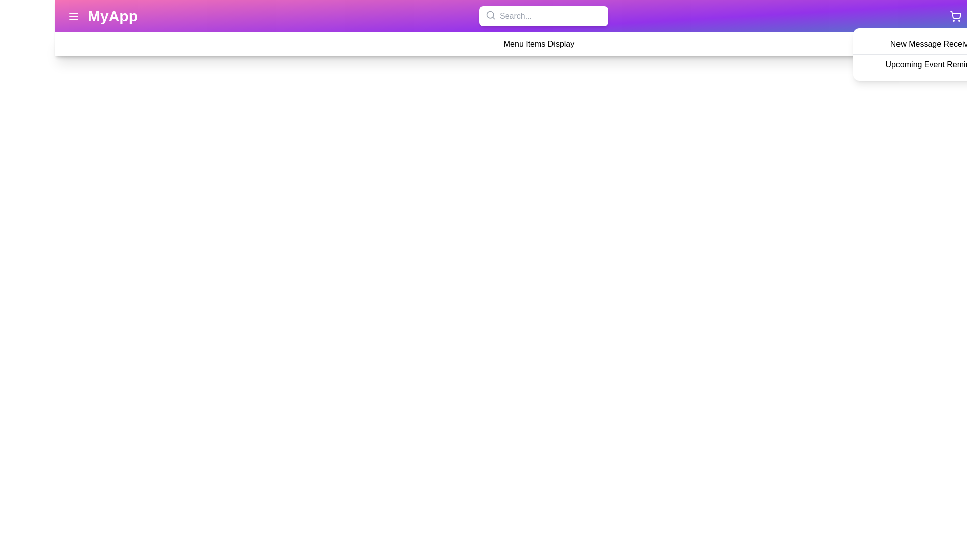  What do you see at coordinates (73, 16) in the screenshot?
I see `the menu icon to toggle the menu visibility` at bounding box center [73, 16].